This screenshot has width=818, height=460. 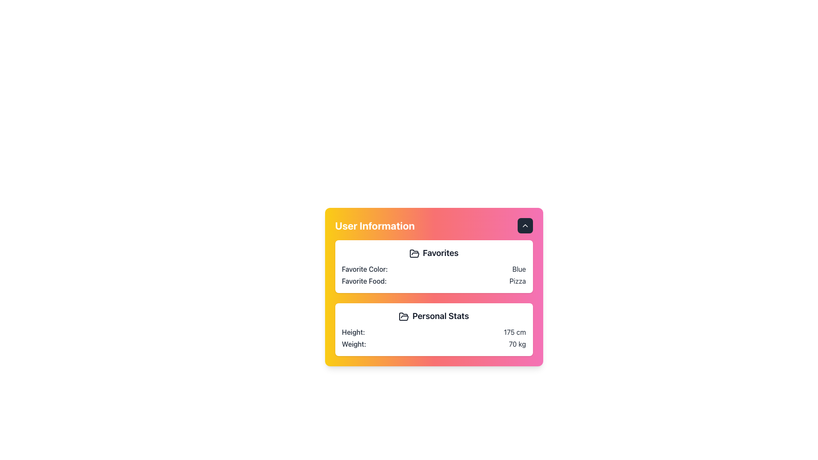 I want to click on the label indicating the favorite color in the 'Favorites' section of the user profile card, so click(x=365, y=269).